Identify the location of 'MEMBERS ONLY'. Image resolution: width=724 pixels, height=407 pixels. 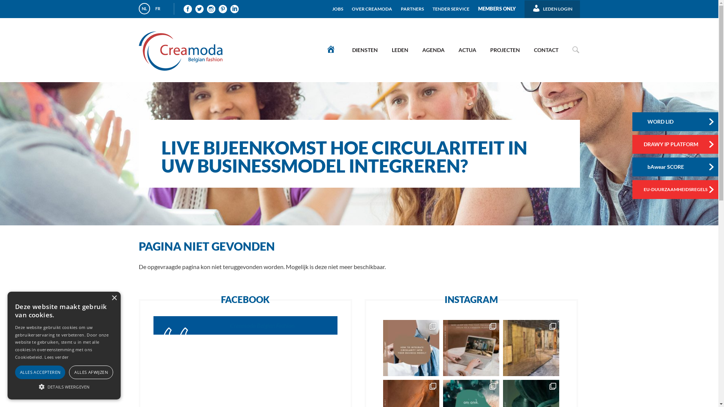
(497, 6).